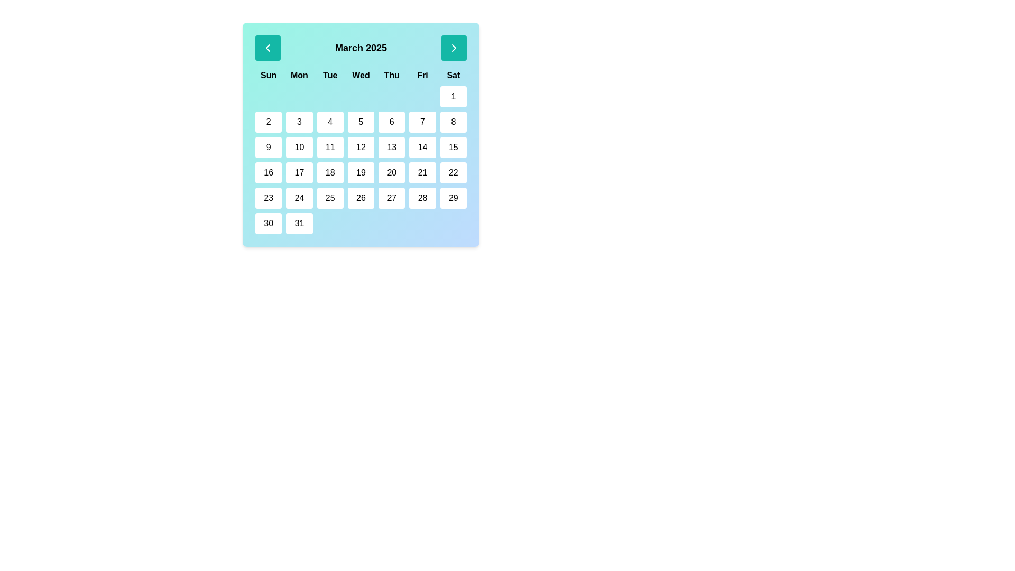 This screenshot has width=1015, height=571. What do you see at coordinates (268, 48) in the screenshot?
I see `the left-pointing chevron icon located at the top-left corner of the calendar interface` at bounding box center [268, 48].